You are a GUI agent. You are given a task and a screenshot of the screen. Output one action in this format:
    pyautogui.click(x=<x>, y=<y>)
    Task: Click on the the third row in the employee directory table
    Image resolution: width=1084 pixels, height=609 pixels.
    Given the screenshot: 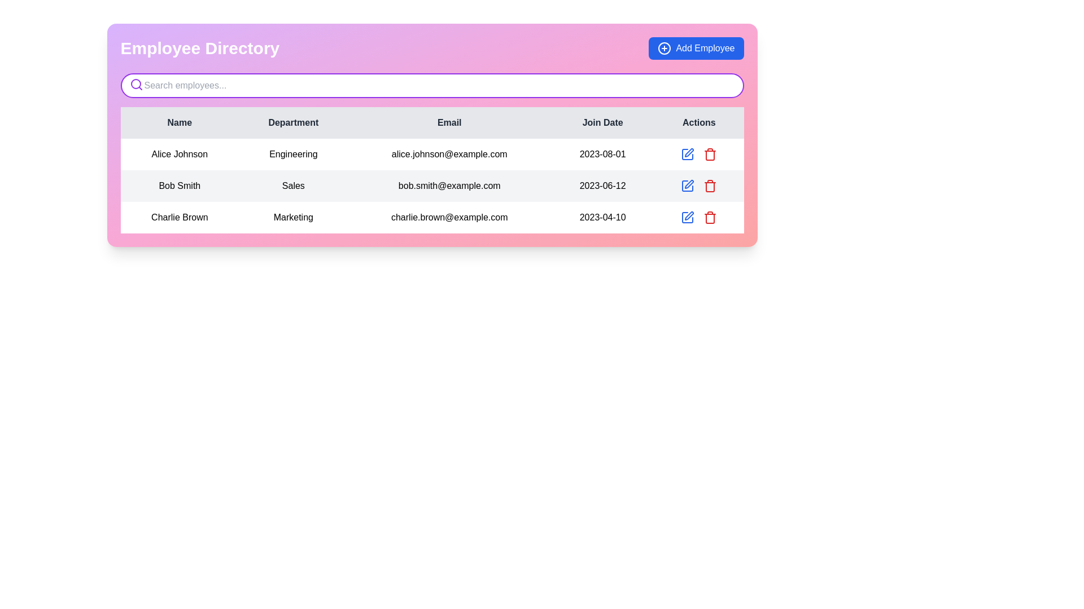 What is the action you would take?
    pyautogui.click(x=431, y=217)
    